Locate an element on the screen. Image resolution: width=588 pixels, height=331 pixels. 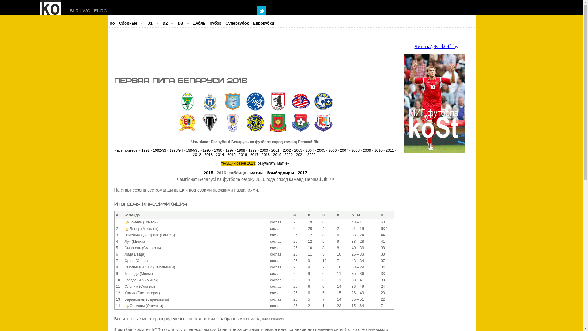
'2006' is located at coordinates (332, 150).